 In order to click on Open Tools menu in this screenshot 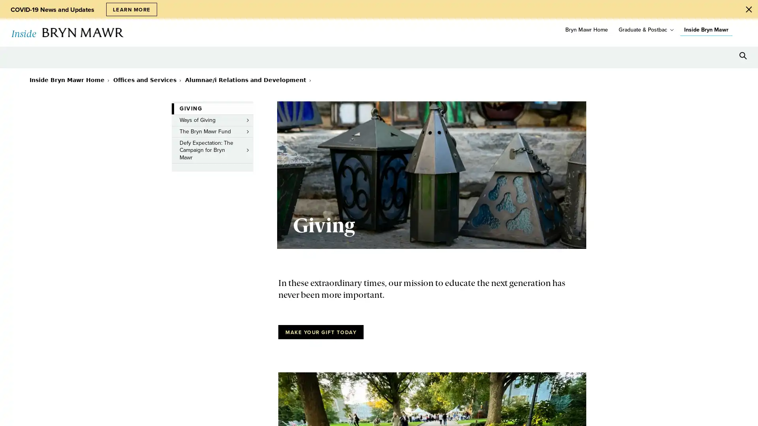, I will do `click(704, 55)`.